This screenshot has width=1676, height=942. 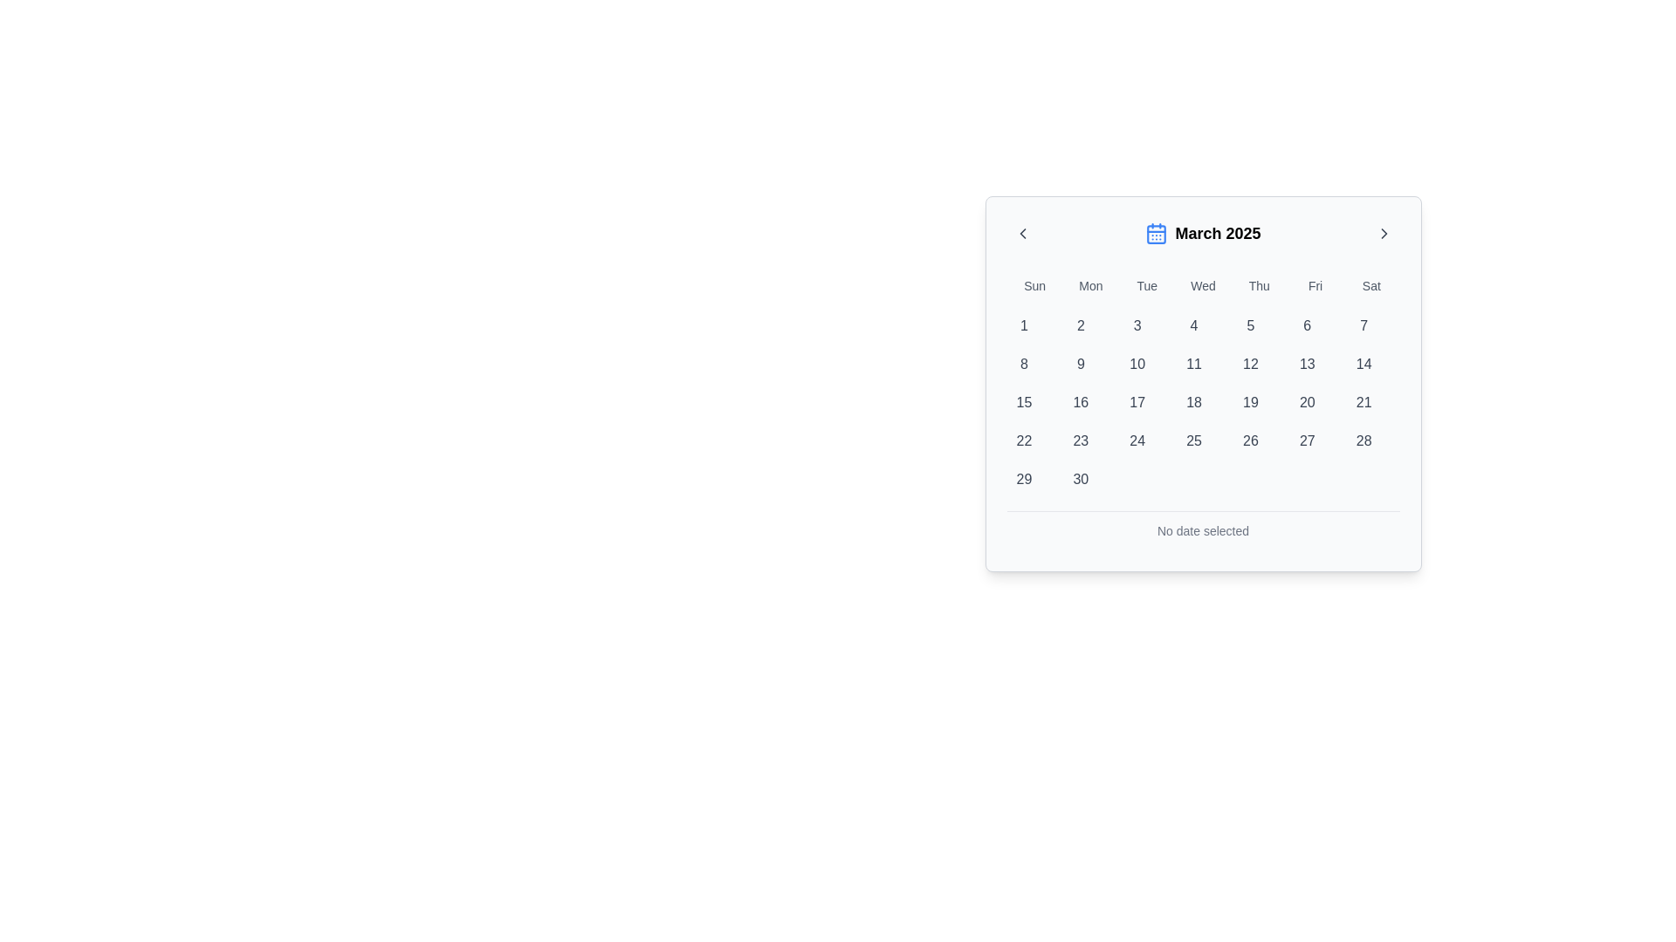 I want to click on the circular button labeled '1', so click(x=1024, y=326).